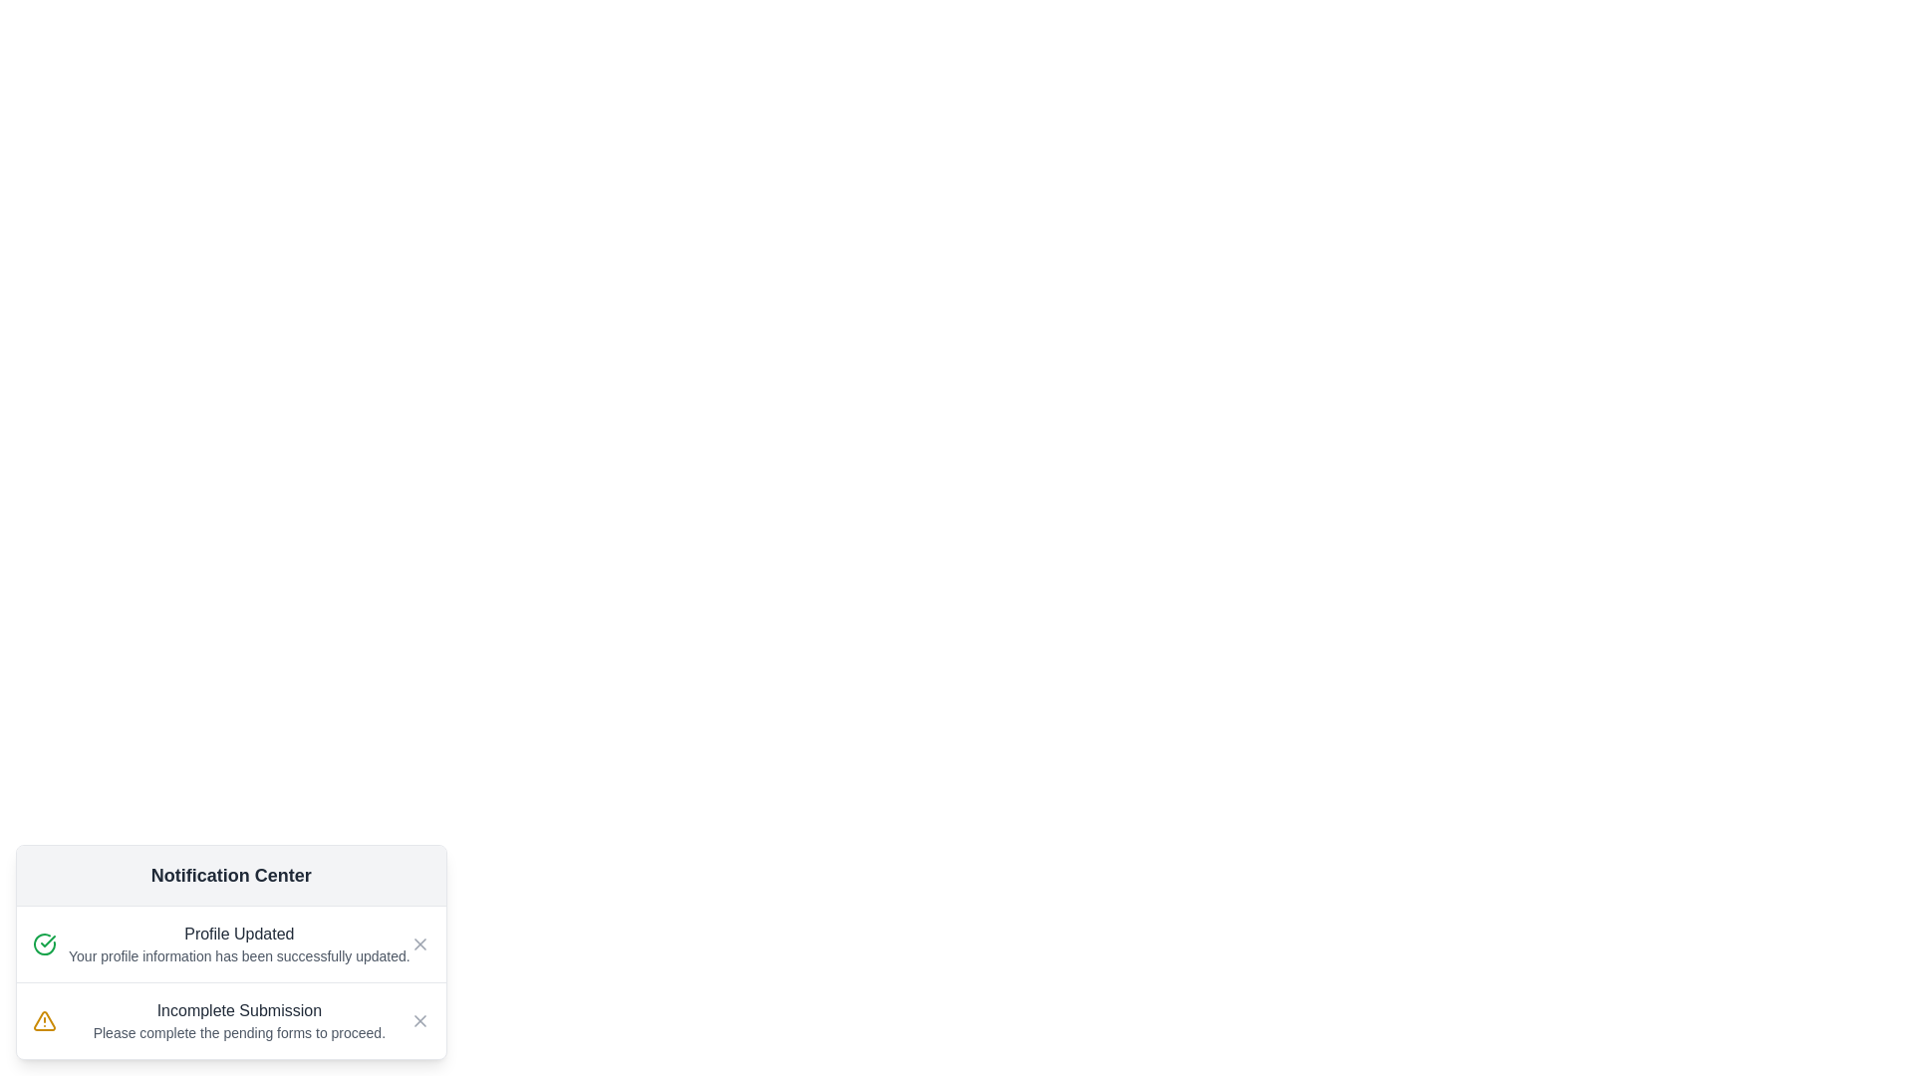 Image resolution: width=1913 pixels, height=1076 pixels. Describe the element at coordinates (44, 943) in the screenshot. I see `the success indicator icon located at the top-left of the 'Profile Updated' notification in the Notification Center panel` at that location.